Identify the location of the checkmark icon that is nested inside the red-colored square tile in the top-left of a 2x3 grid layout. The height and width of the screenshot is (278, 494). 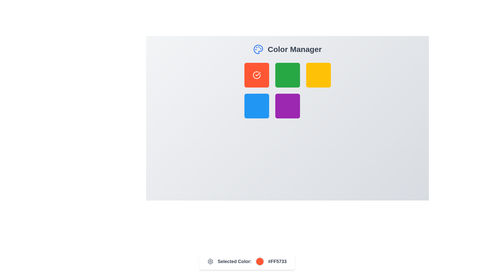
(258, 74).